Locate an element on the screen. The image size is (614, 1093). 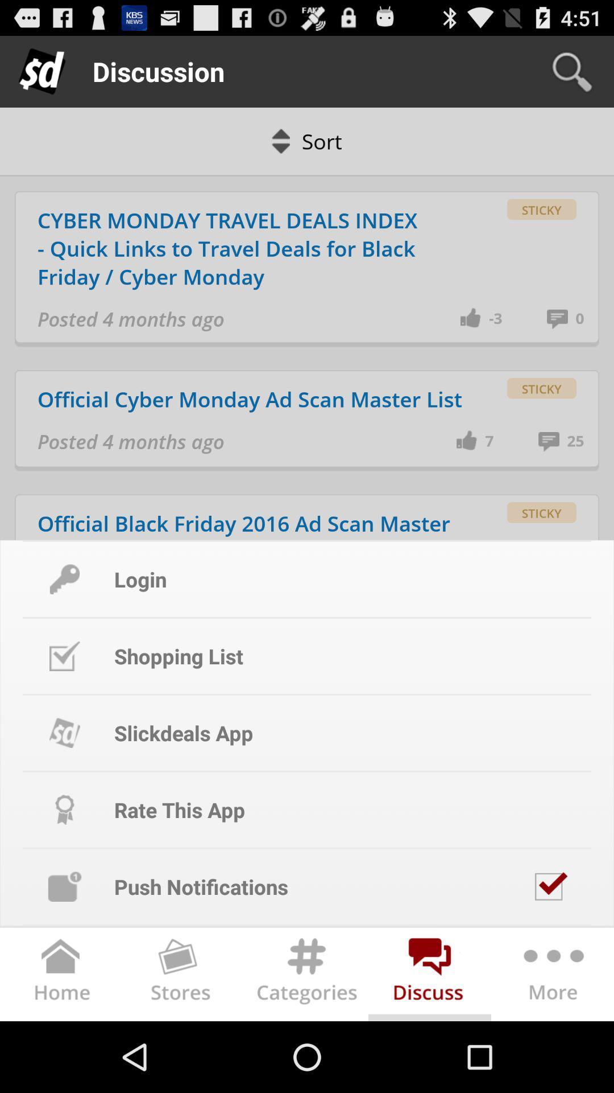
search icon is located at coordinates (572, 71).